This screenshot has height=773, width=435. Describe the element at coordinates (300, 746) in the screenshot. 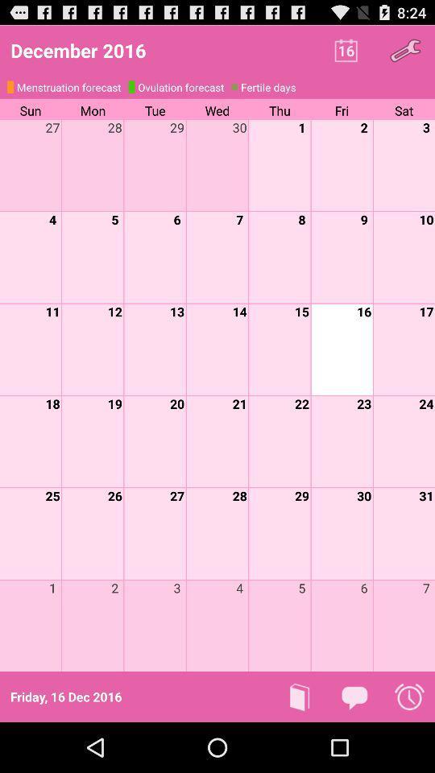

I see `the book icon` at that location.